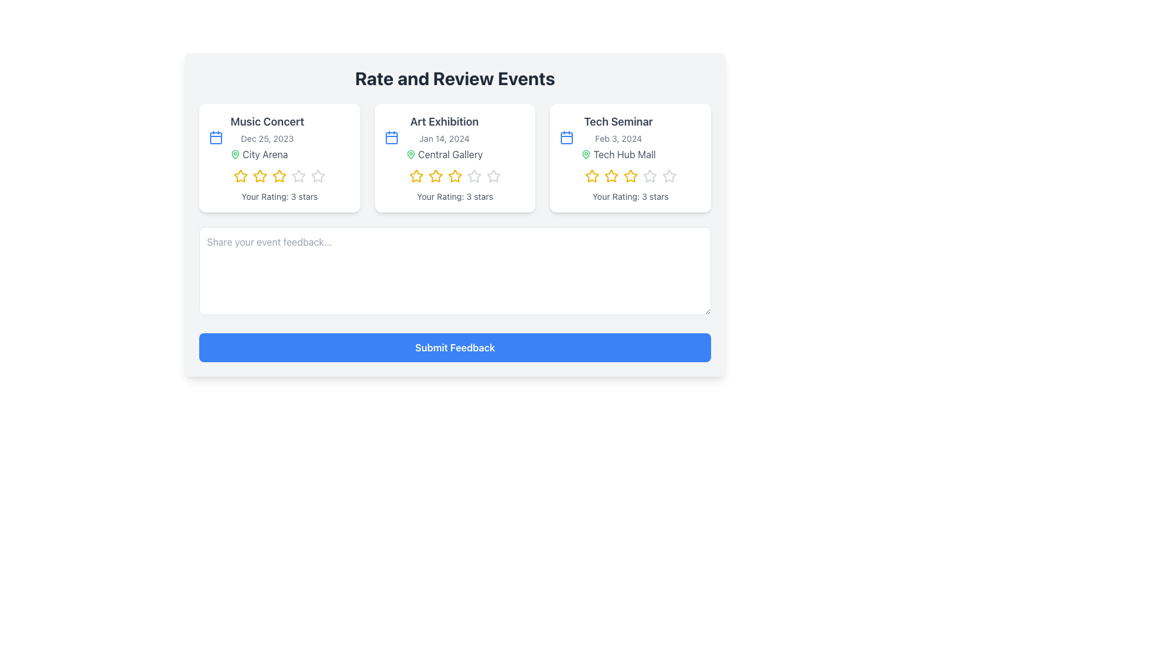  I want to click on the text label with an icon that provides information about the location of an event under the header 'Tech Seminar' and date 'Feb 3, 2024', located in the rightmost card of three horizontally aligned cards, so click(618, 153).